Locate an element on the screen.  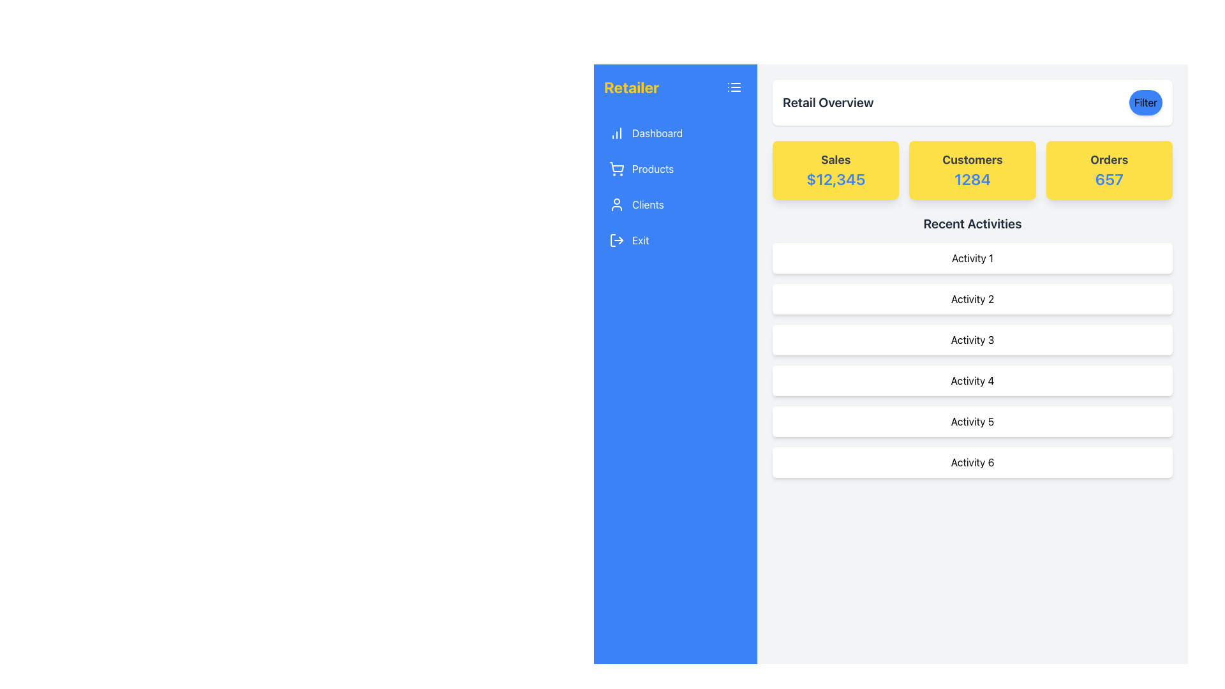
the button located at the top-right corner of the blue sidebar panel is located at coordinates (734, 87).